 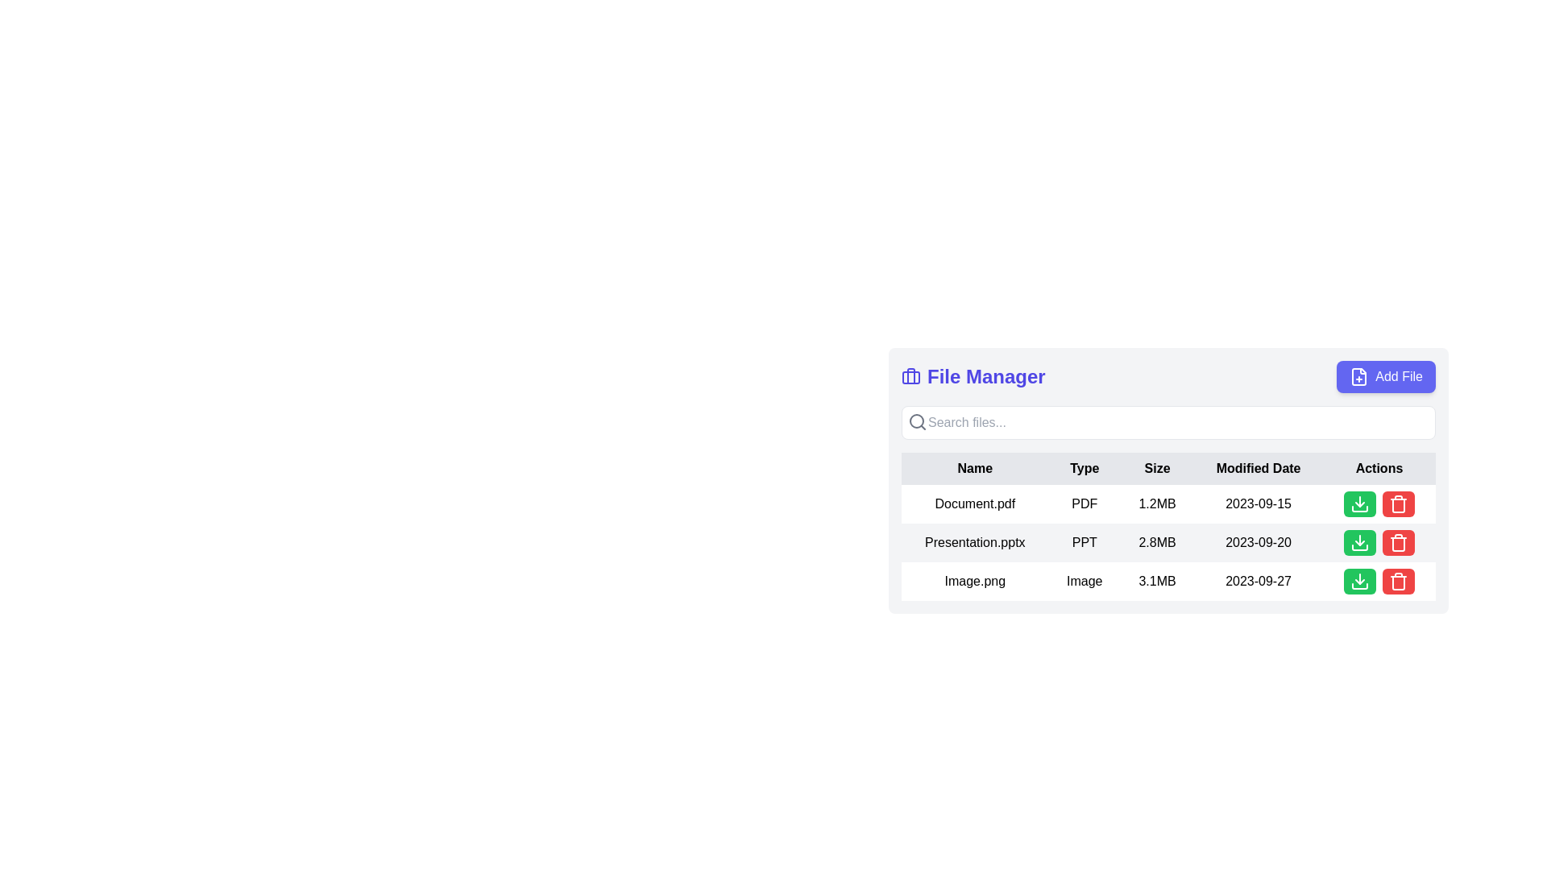 I want to click on the download button with an embedded icon located on the far right side in the table's 'Actions' column for the 'Presentation.pptx' row, so click(x=1359, y=543).